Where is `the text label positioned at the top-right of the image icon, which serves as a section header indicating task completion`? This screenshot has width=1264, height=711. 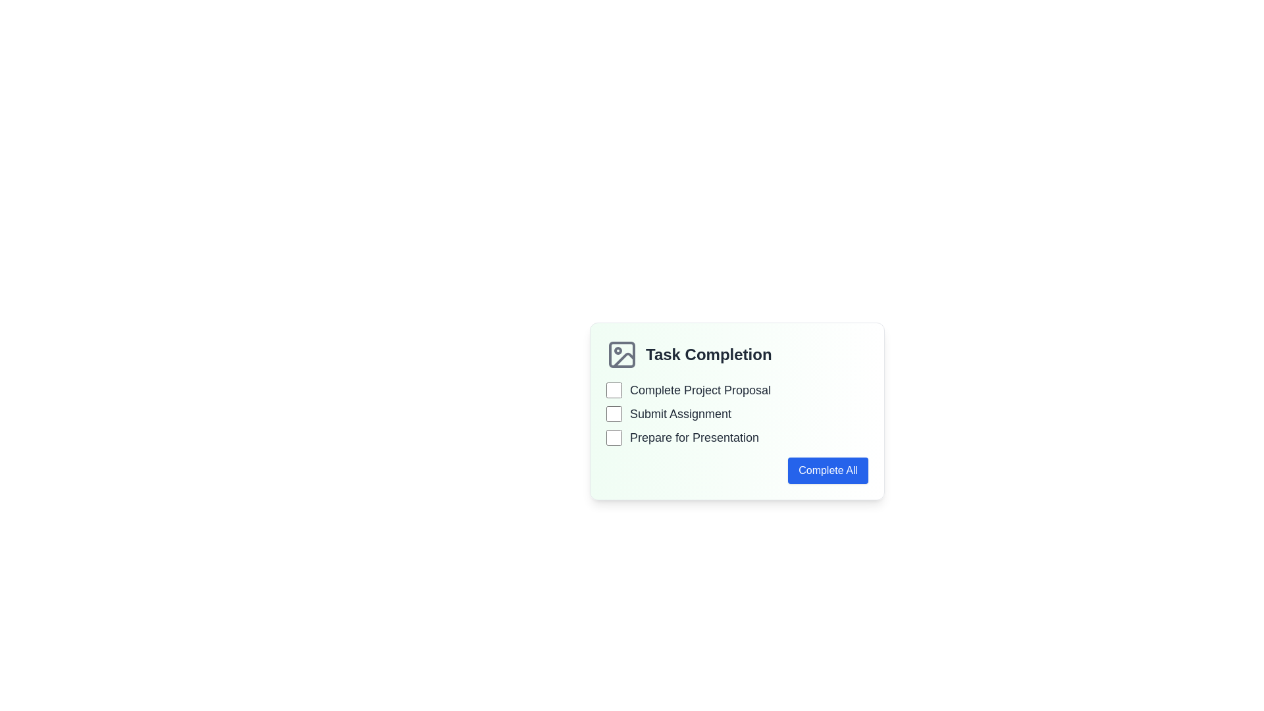
the text label positioned at the top-right of the image icon, which serves as a section header indicating task completion is located at coordinates (708, 354).